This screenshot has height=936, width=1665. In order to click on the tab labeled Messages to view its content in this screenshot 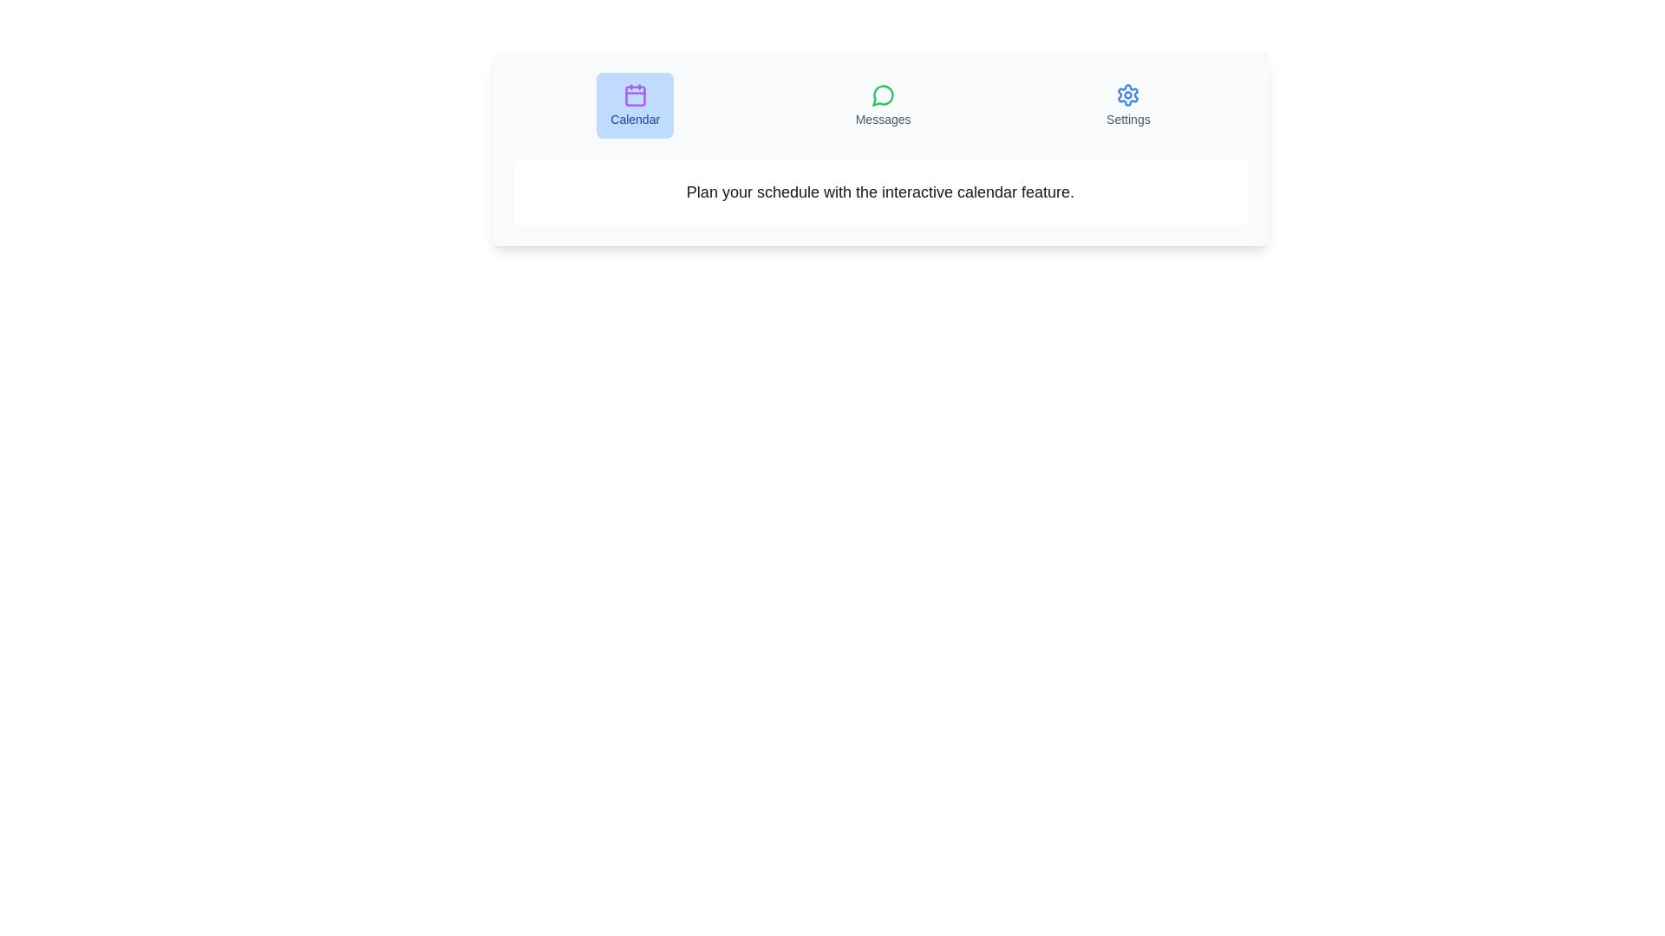, I will do `click(883, 106)`.